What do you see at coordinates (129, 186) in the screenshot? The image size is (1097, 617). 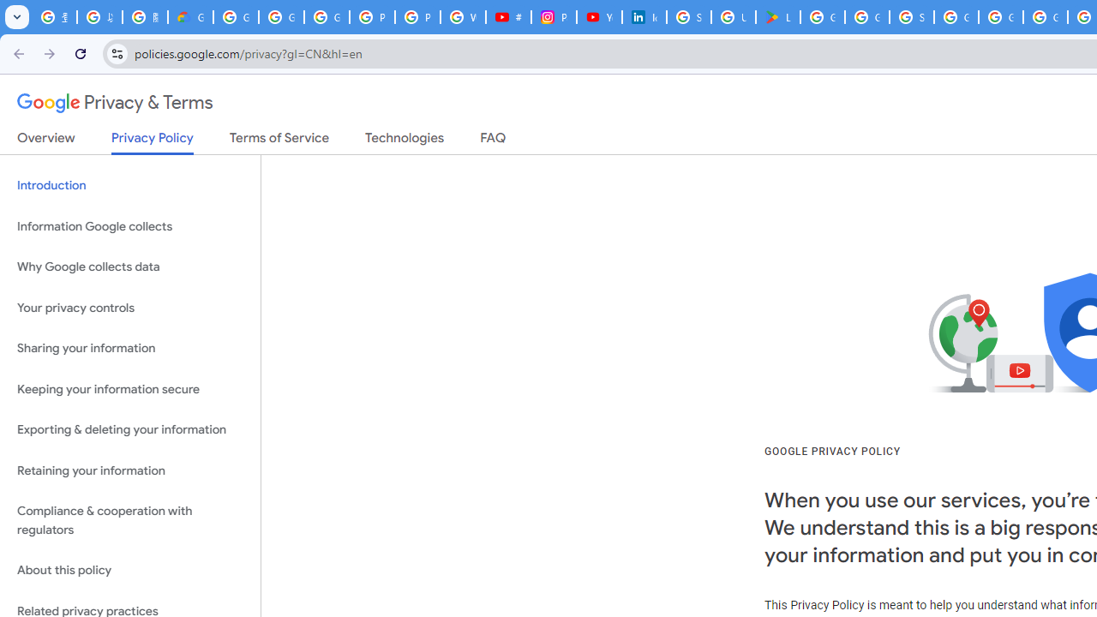 I see `'Introduction'` at bounding box center [129, 186].